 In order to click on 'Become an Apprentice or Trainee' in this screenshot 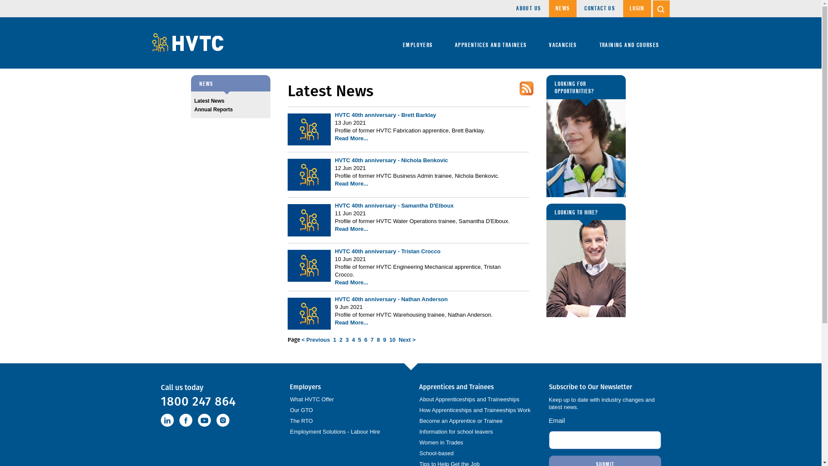, I will do `click(419, 420)`.